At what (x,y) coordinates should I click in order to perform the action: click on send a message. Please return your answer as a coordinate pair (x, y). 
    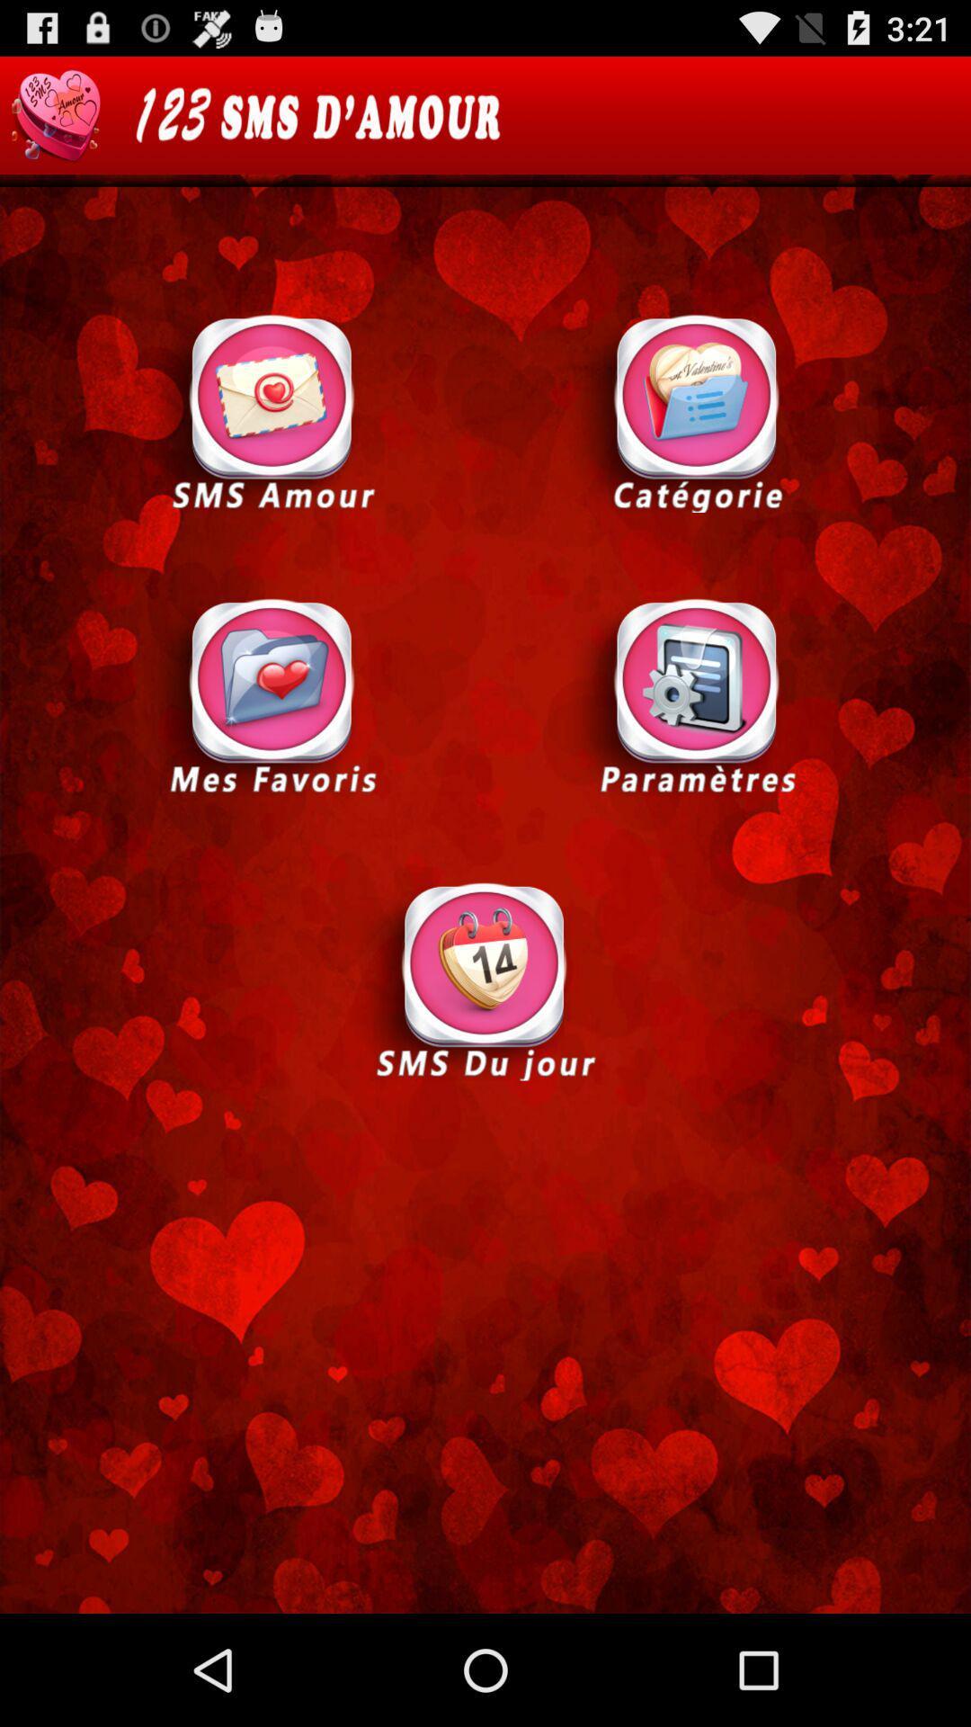
    Looking at the image, I should click on (272, 411).